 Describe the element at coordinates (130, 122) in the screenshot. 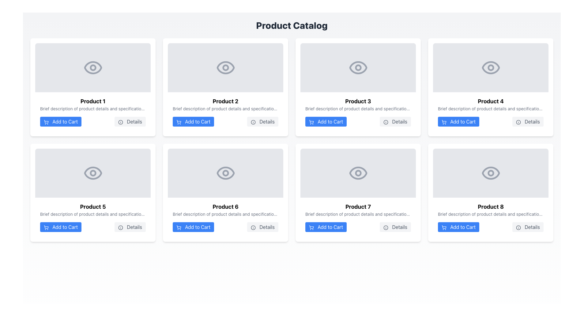

I see `the button located to the right of the 'Add to Cart' button within the 'Product 1' card` at that location.